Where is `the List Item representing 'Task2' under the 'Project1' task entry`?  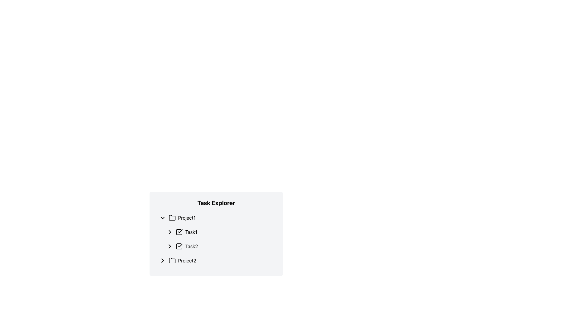 the List Item representing 'Task2' under the 'Project1' task entry is located at coordinates (220, 246).